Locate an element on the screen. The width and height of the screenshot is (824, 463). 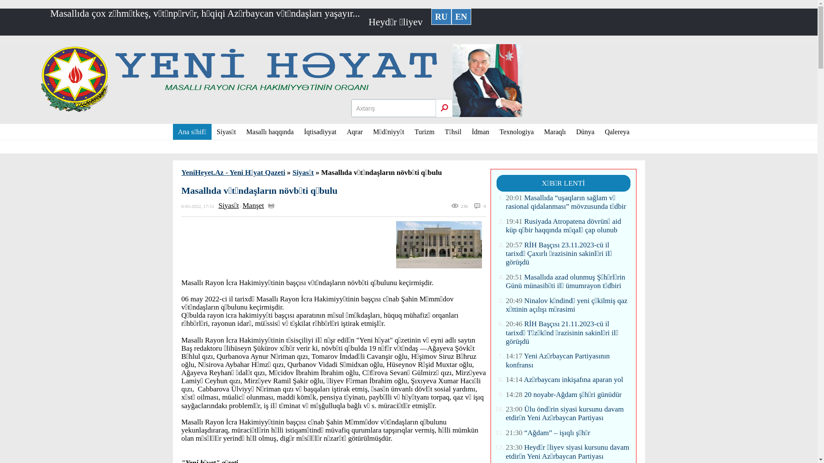
'Aqrar' is located at coordinates (341, 132).